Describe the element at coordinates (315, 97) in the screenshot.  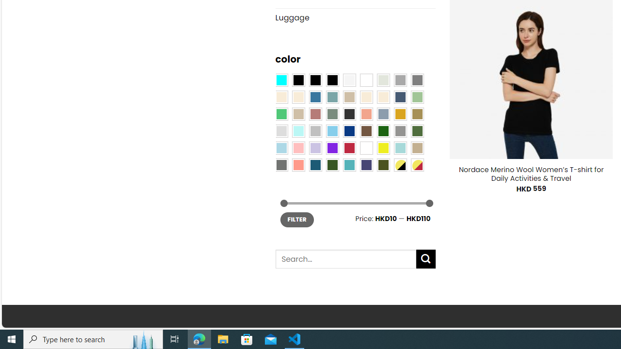
I see `'Blue'` at that location.